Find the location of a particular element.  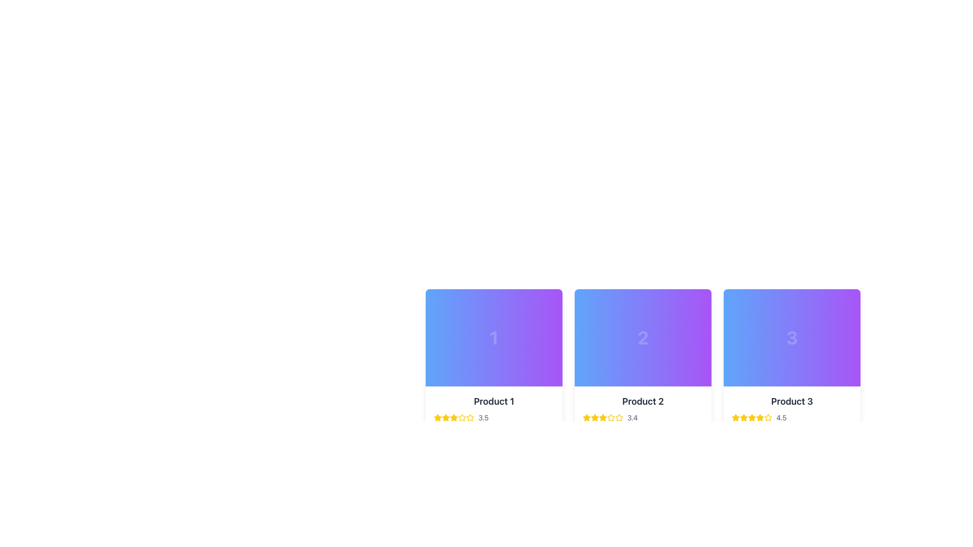

the second star icon in the rating component located beneath the third product card by moving the cursor to its center is located at coordinates (744, 417).